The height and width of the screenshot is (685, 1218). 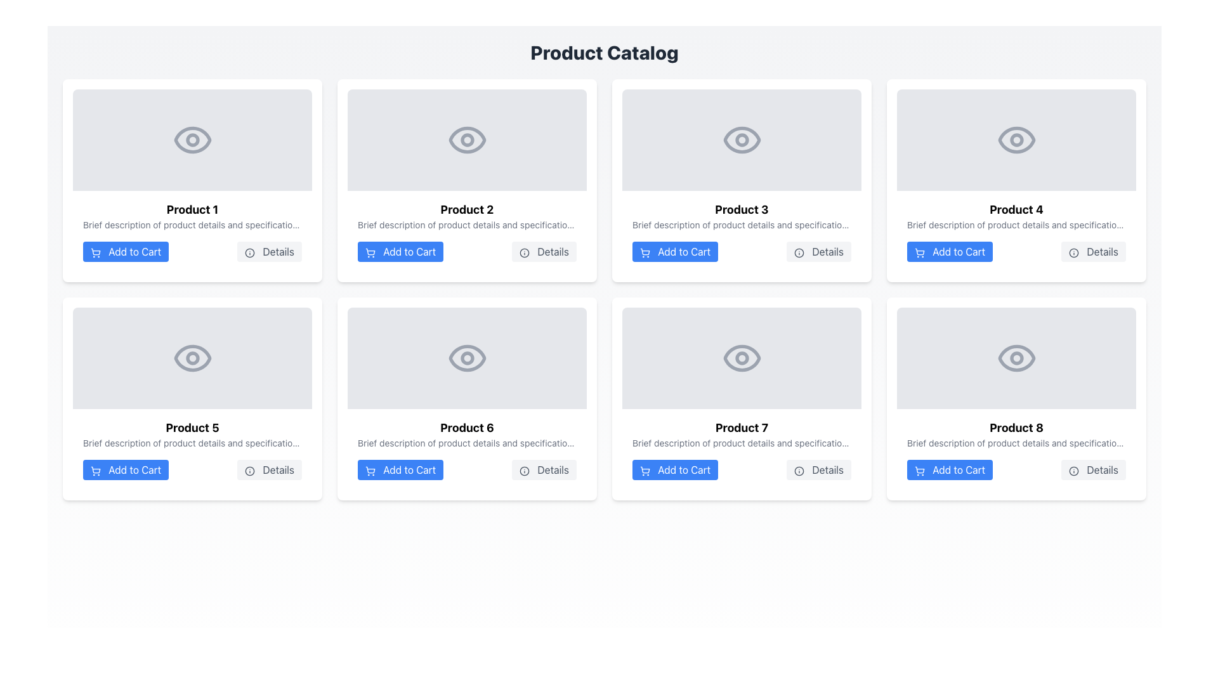 What do you see at coordinates (742, 358) in the screenshot?
I see `the eye icon with a gray outline located in the seventh product card, centered within the top section of the card` at bounding box center [742, 358].